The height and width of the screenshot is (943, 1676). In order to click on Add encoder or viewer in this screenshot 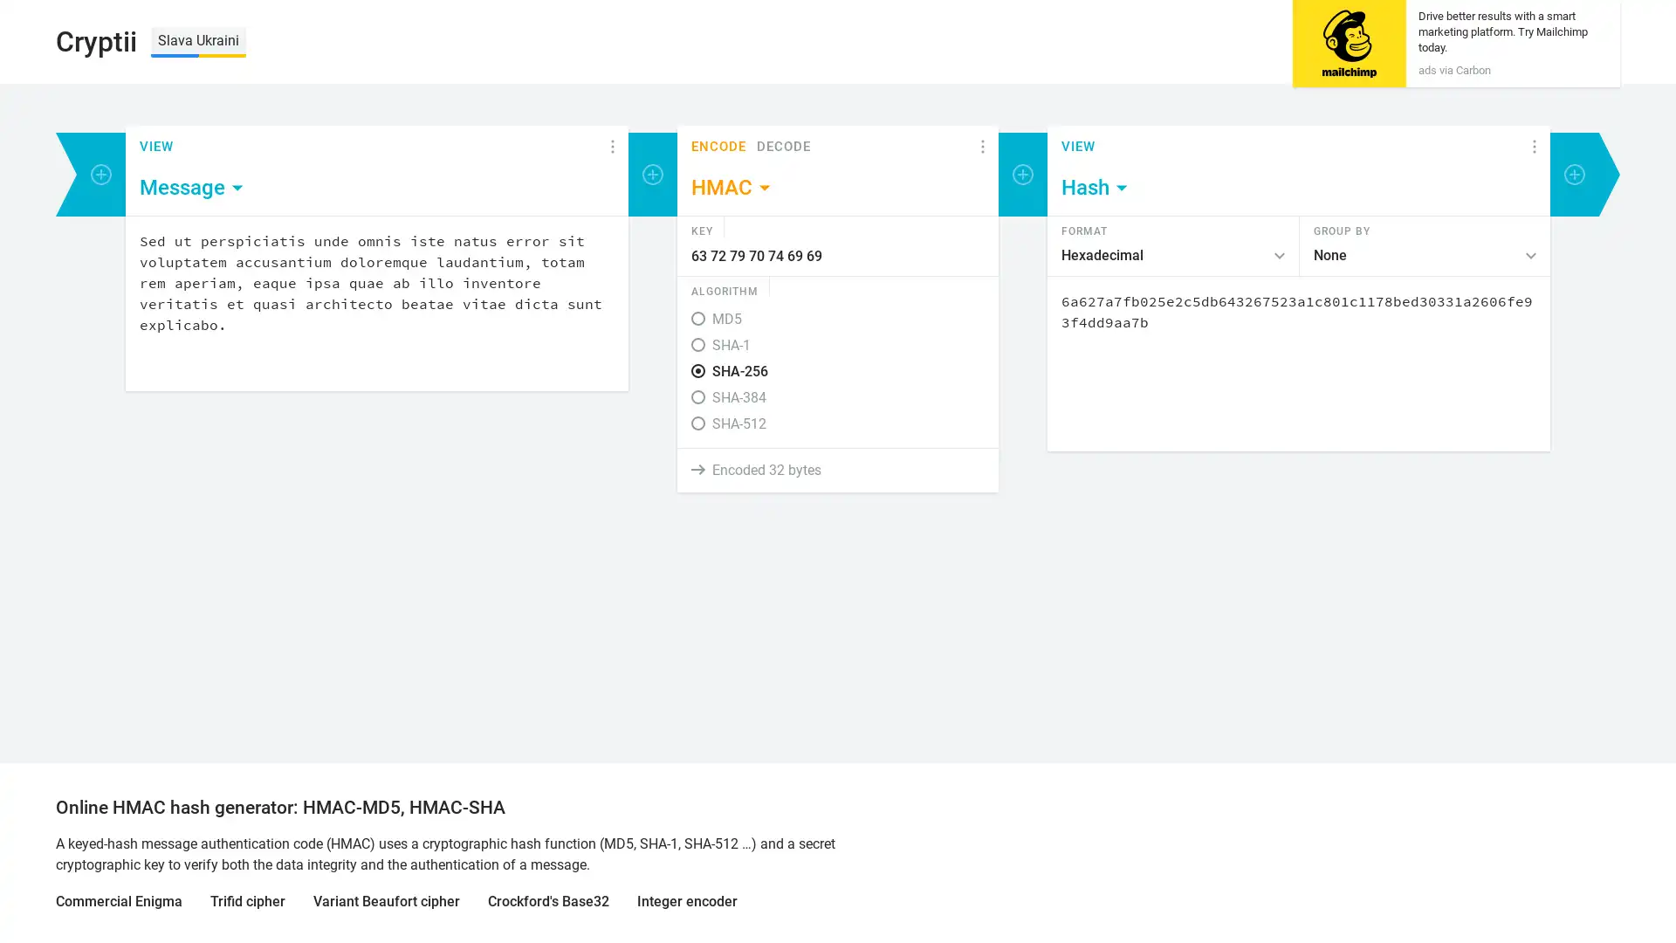, I will do `click(1575, 175)`.